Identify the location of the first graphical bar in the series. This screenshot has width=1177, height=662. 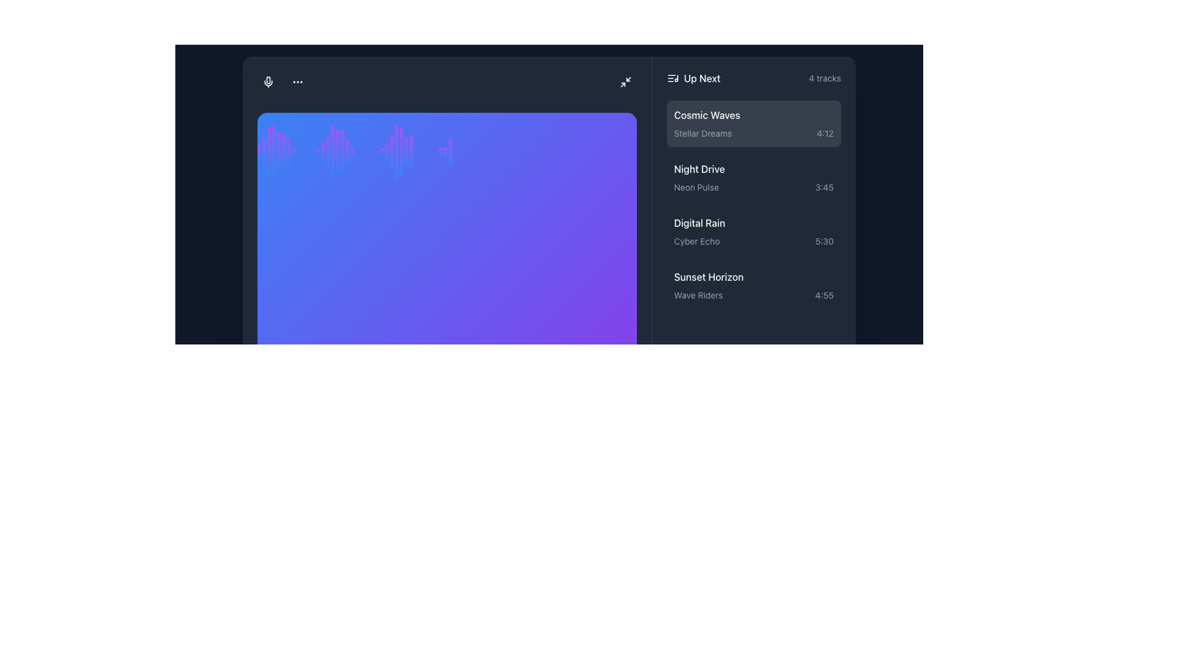
(258, 150).